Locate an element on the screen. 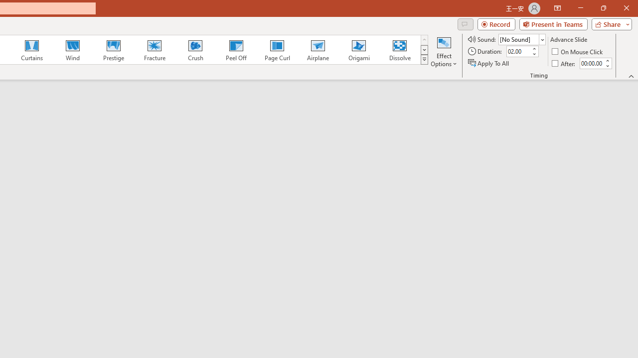  'Prestige' is located at coordinates (113, 50).